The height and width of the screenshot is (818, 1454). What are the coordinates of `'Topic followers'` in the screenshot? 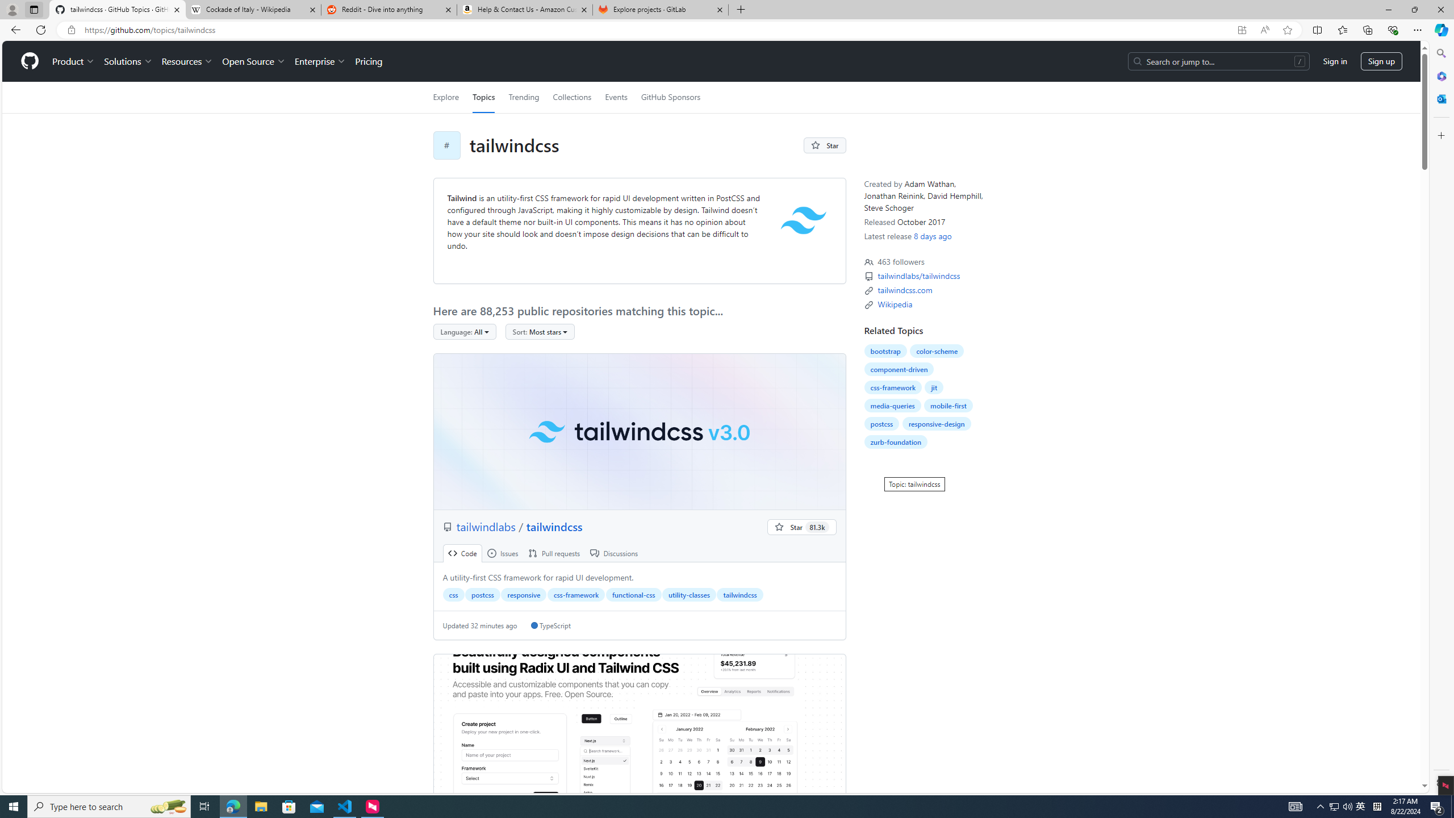 It's located at (868, 261).